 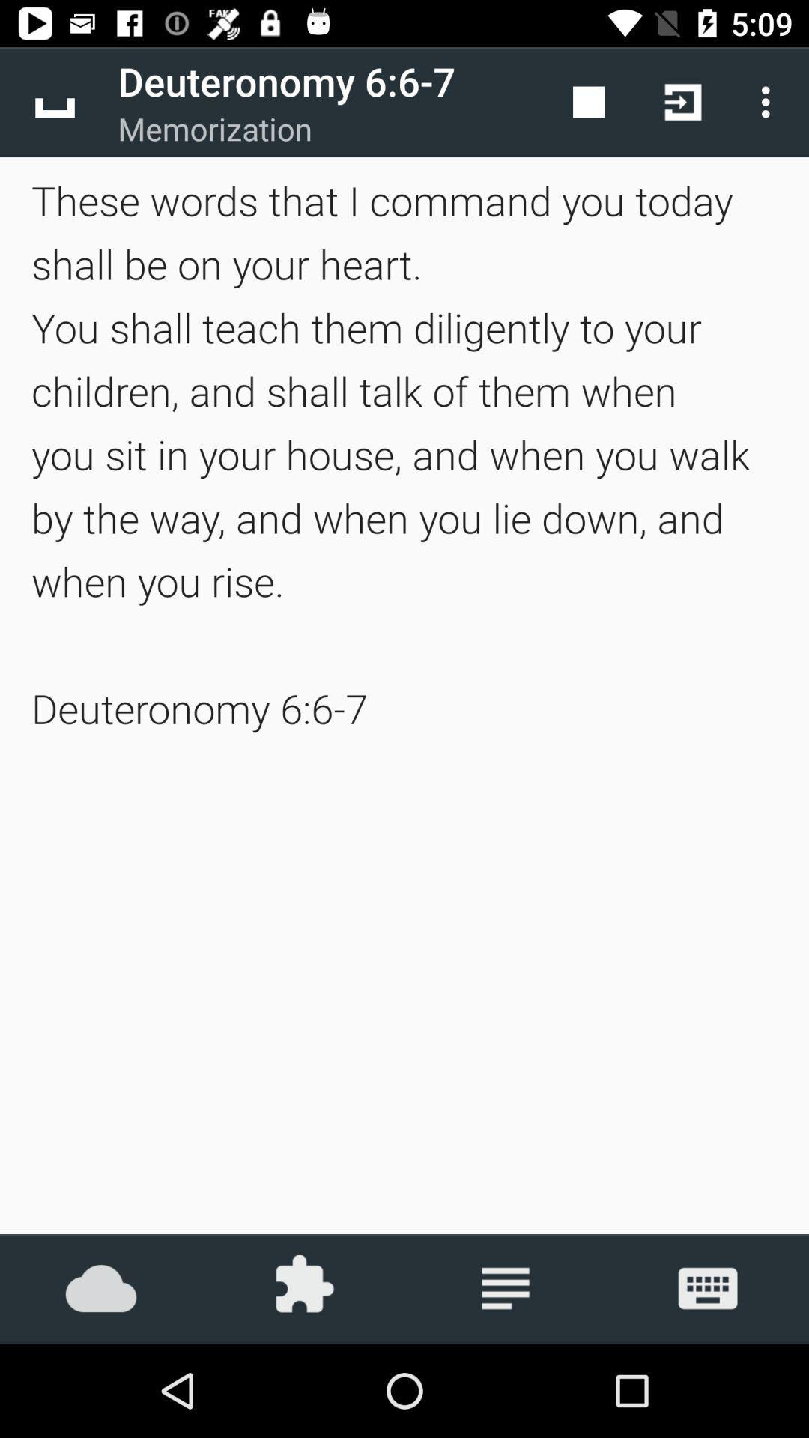 What do you see at coordinates (54, 101) in the screenshot?
I see `the item above these words that` at bounding box center [54, 101].